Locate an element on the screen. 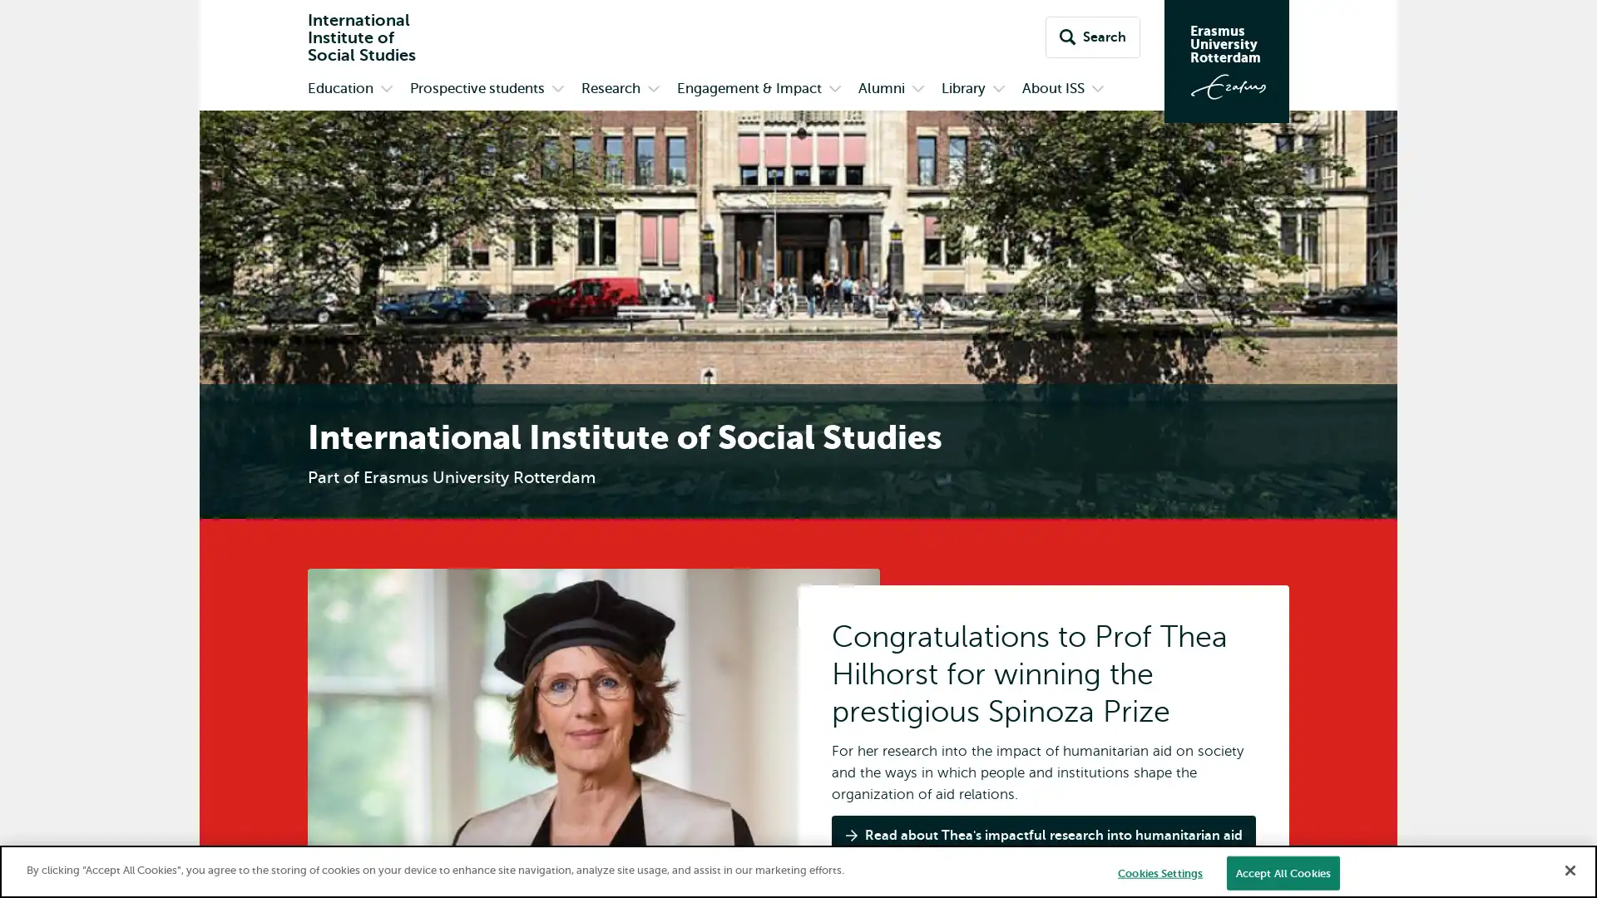  Open submenu is located at coordinates (1098, 90).